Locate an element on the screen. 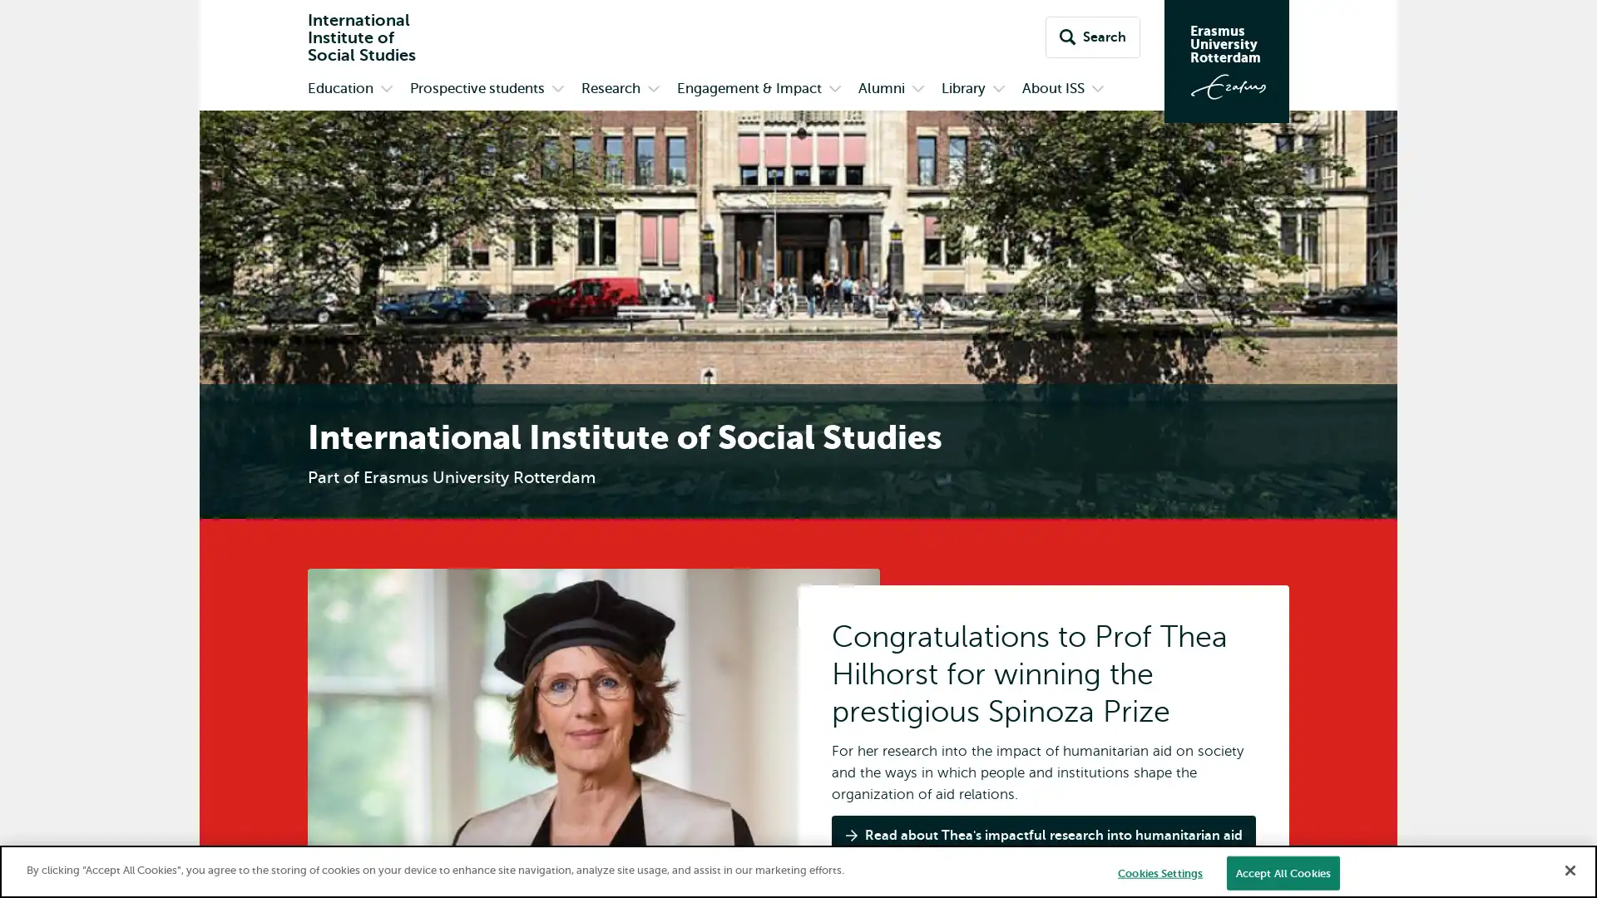  Open submenu is located at coordinates (1098, 90).